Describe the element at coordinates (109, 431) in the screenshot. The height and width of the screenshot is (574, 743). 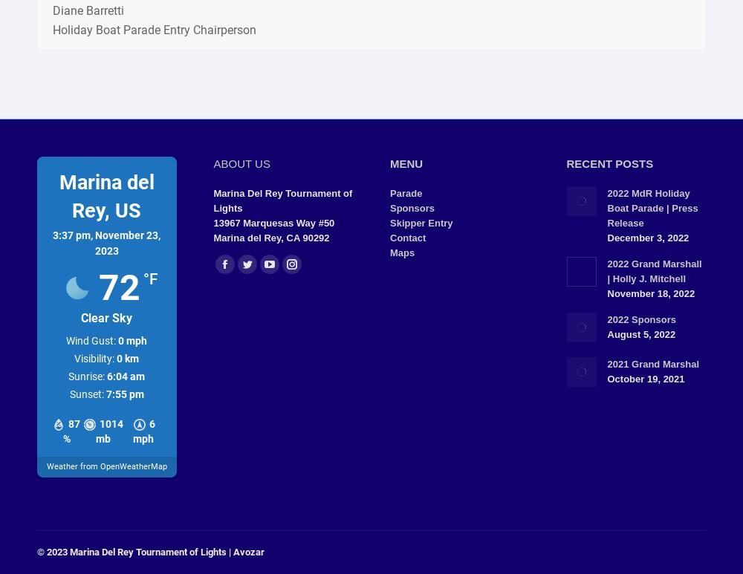
I see `'1014 mb'` at that location.